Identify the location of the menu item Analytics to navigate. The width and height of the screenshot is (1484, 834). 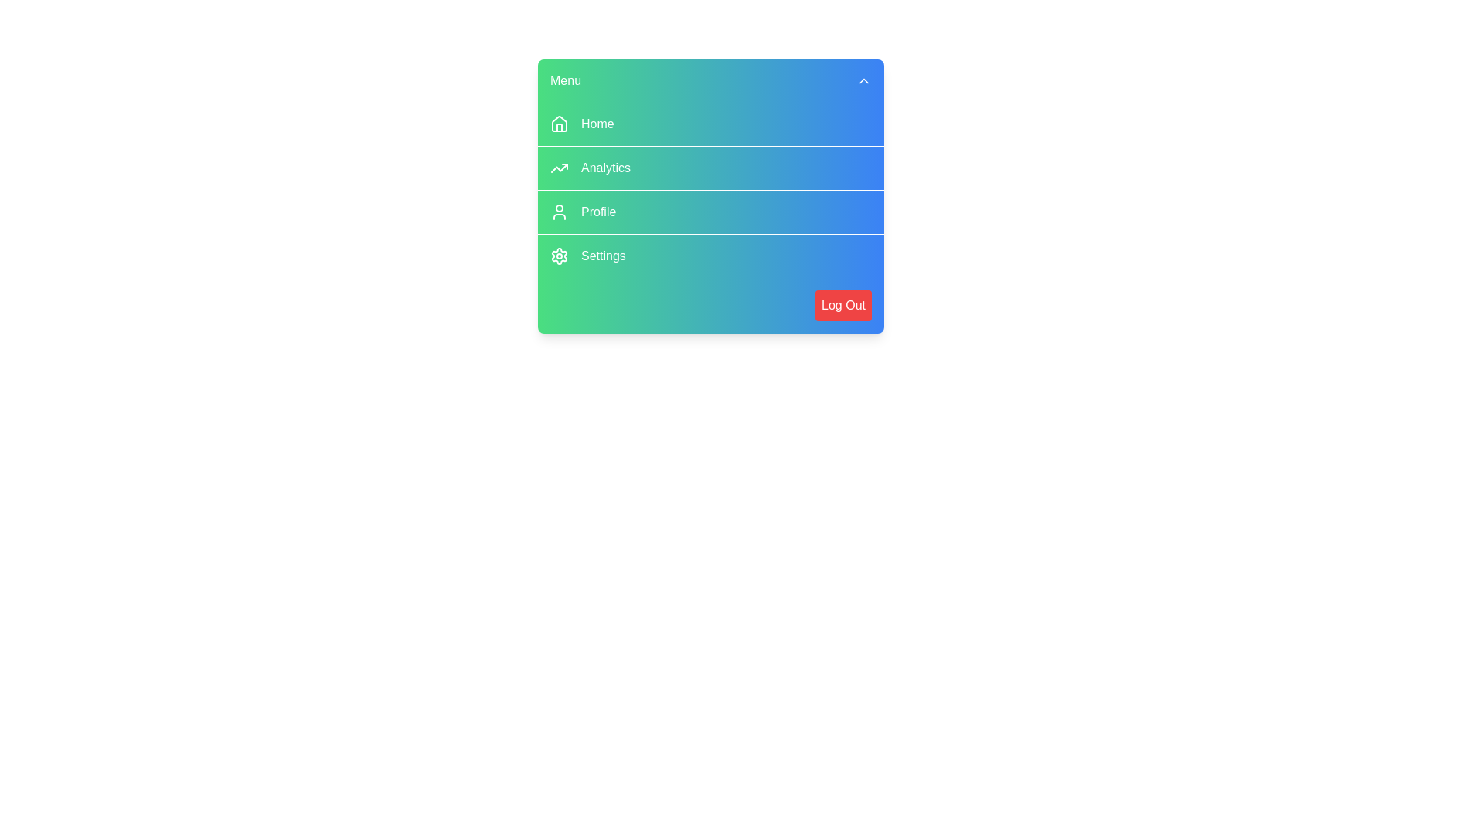
(710, 168).